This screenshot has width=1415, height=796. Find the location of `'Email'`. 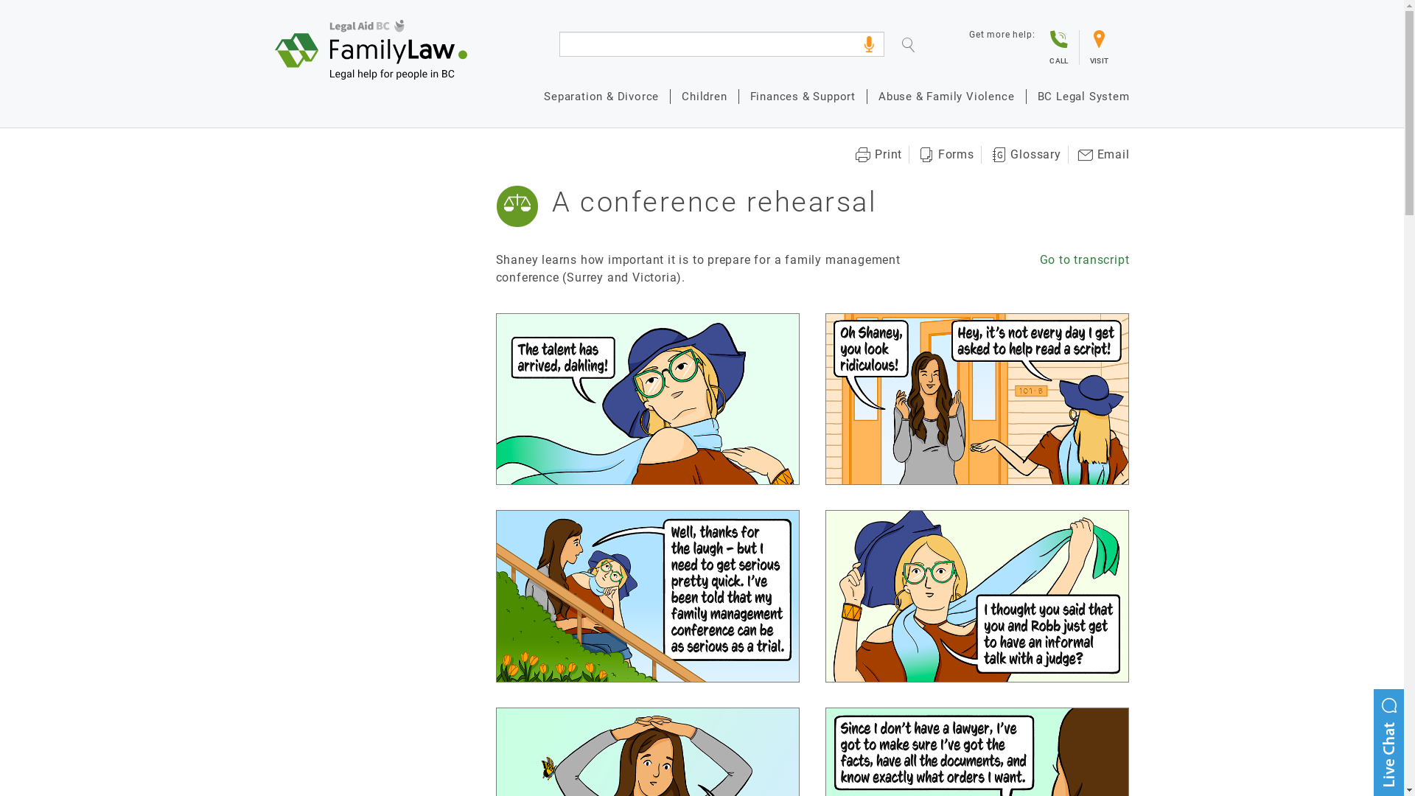

'Email' is located at coordinates (1103, 154).